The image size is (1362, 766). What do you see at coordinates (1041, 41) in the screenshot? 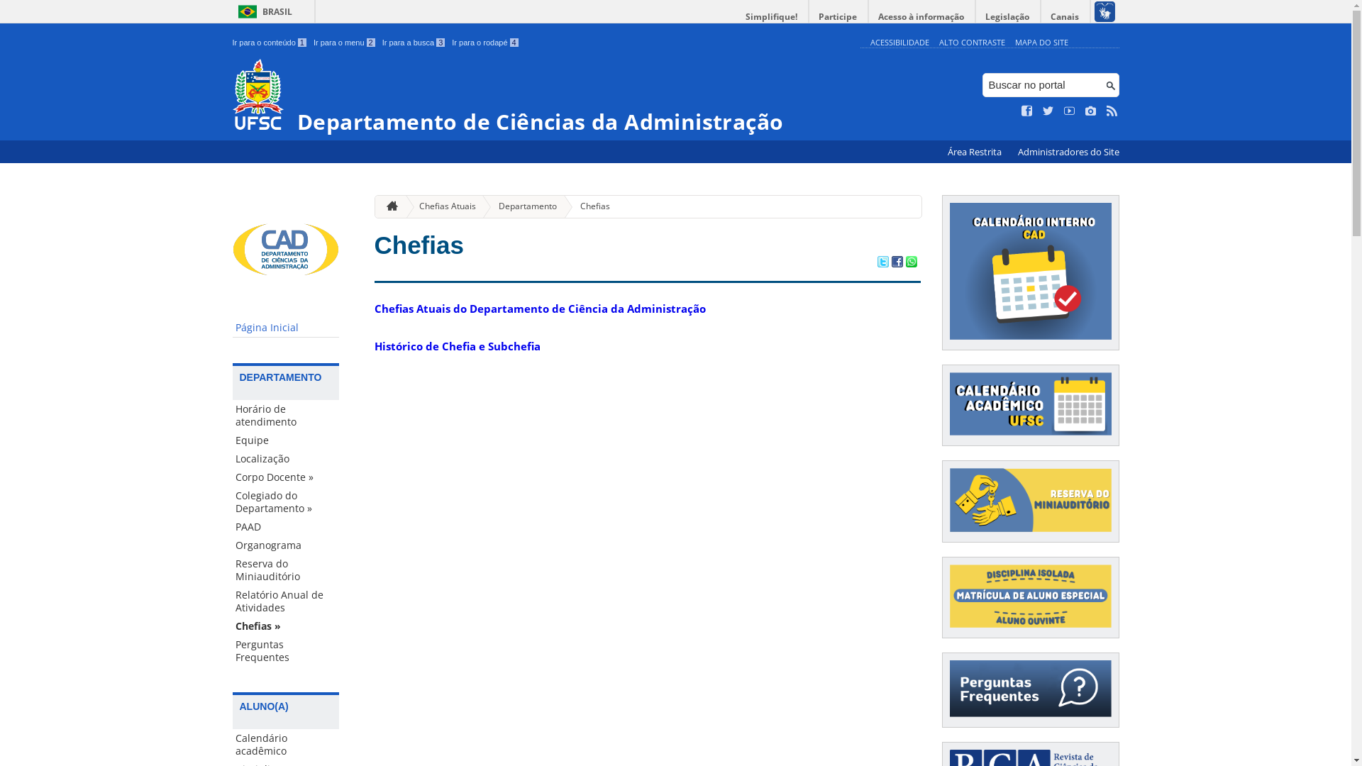
I see `'MAPA DO SITE'` at bounding box center [1041, 41].